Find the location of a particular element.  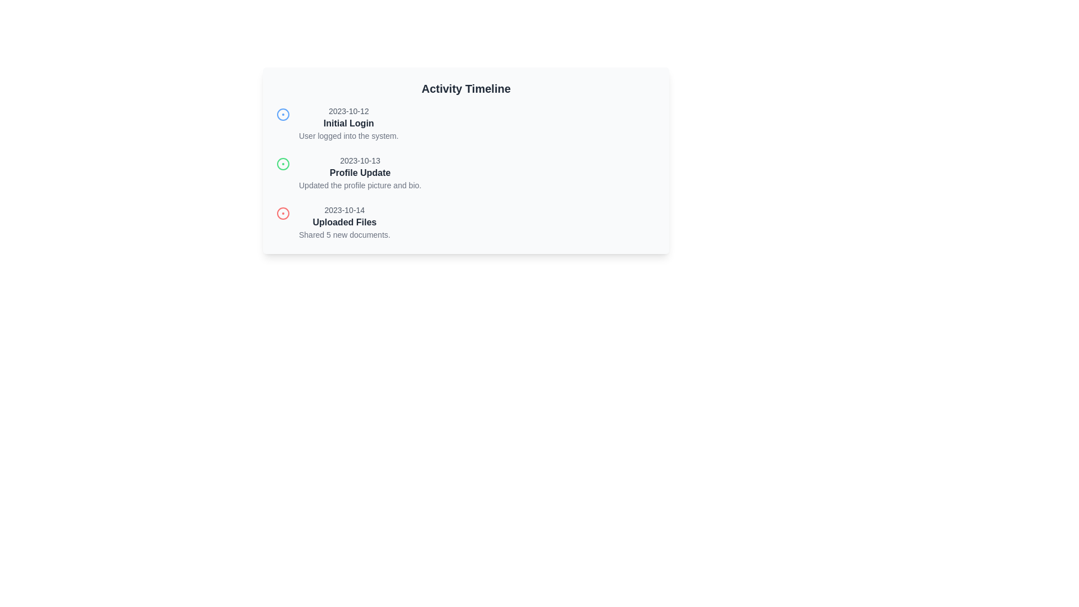

the outermost circular element of the SVG icon with a blue outline, which is positioned next to the text '2023-10-12 Initial Login' in the timeline component is located at coordinates (283, 115).